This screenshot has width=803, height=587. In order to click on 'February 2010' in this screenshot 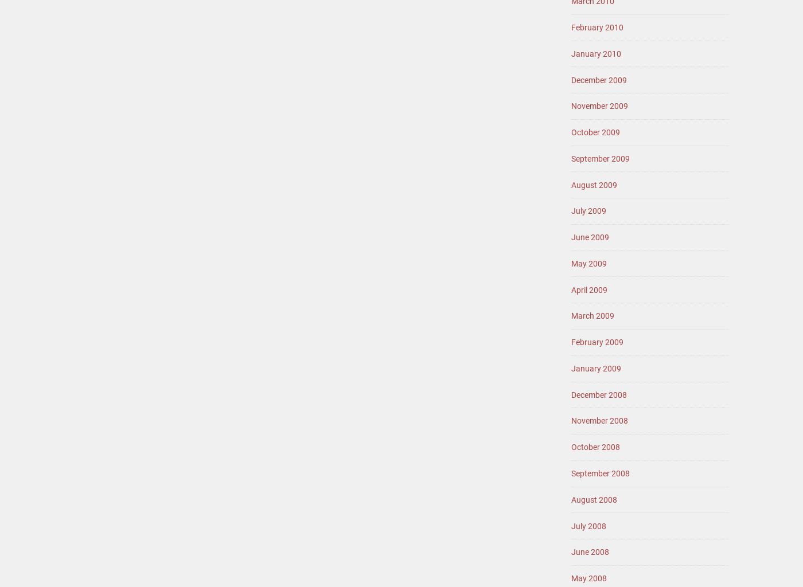, I will do `click(597, 26)`.